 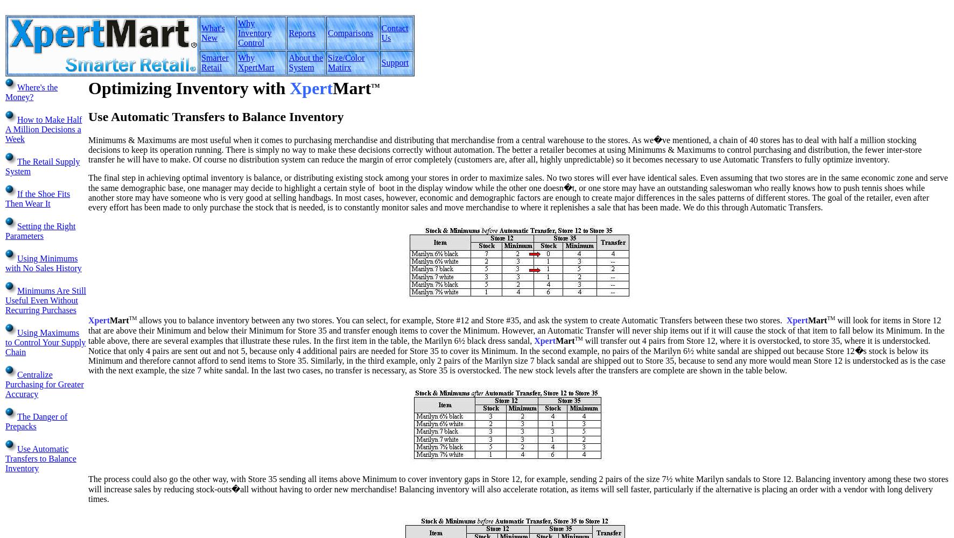 What do you see at coordinates (288, 62) in the screenshot?
I see `'About
the System'` at bounding box center [288, 62].